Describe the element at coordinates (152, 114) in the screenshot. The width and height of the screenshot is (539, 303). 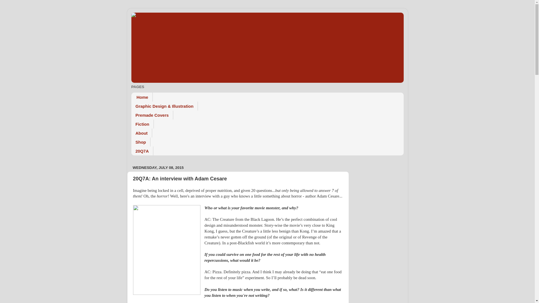
I see `'Premade Covers'` at that location.